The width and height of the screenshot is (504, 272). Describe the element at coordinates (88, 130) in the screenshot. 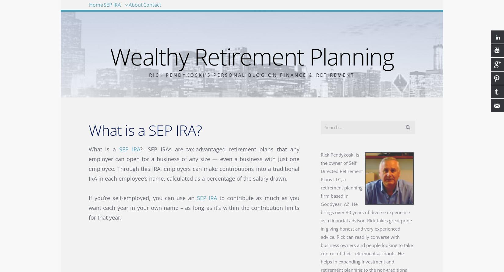

I see `'What is a SEP IRA?'` at that location.